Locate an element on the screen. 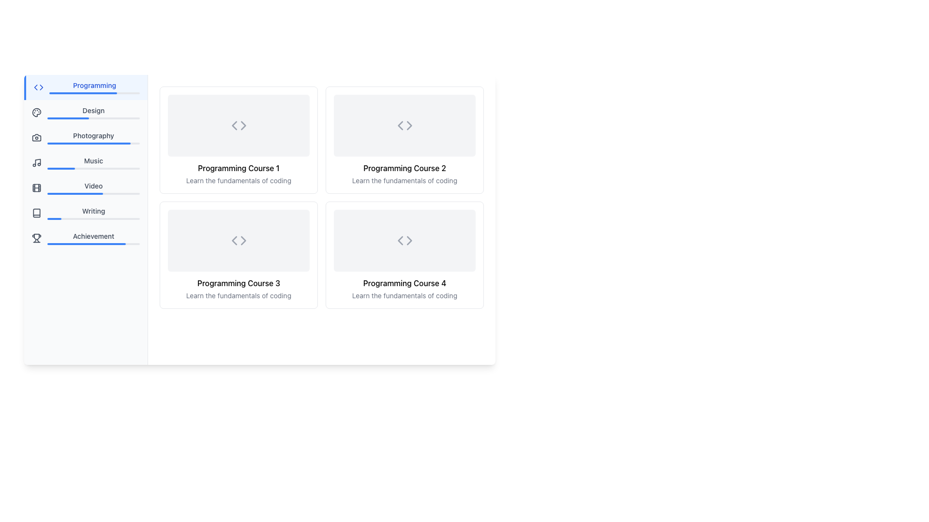 The image size is (929, 522). the left arrow icon in the lower-left corner of the 'Programming Course 3' layout card, which is an SVG graphic indicating navigation or a previous action is located at coordinates (234, 240).